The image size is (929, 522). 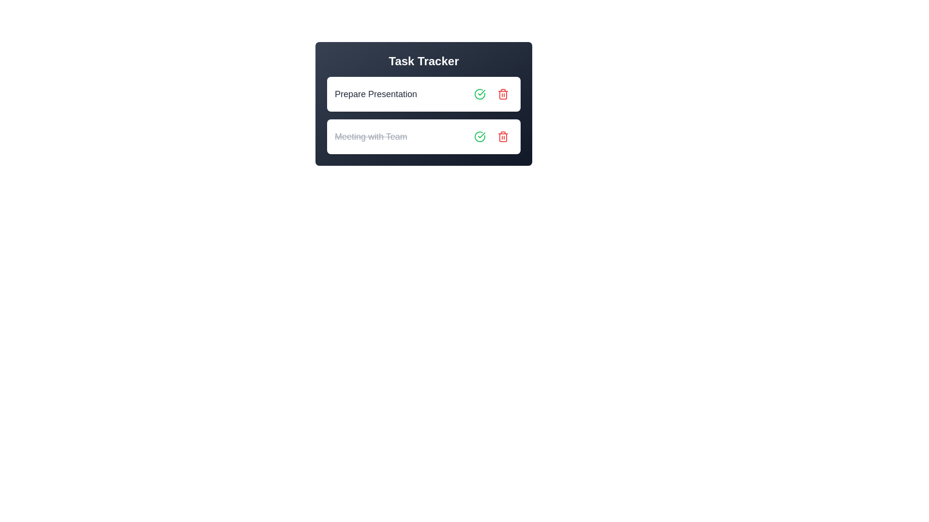 What do you see at coordinates (503, 95) in the screenshot?
I see `the delete icon located in the rightmost section of the task list item's row` at bounding box center [503, 95].